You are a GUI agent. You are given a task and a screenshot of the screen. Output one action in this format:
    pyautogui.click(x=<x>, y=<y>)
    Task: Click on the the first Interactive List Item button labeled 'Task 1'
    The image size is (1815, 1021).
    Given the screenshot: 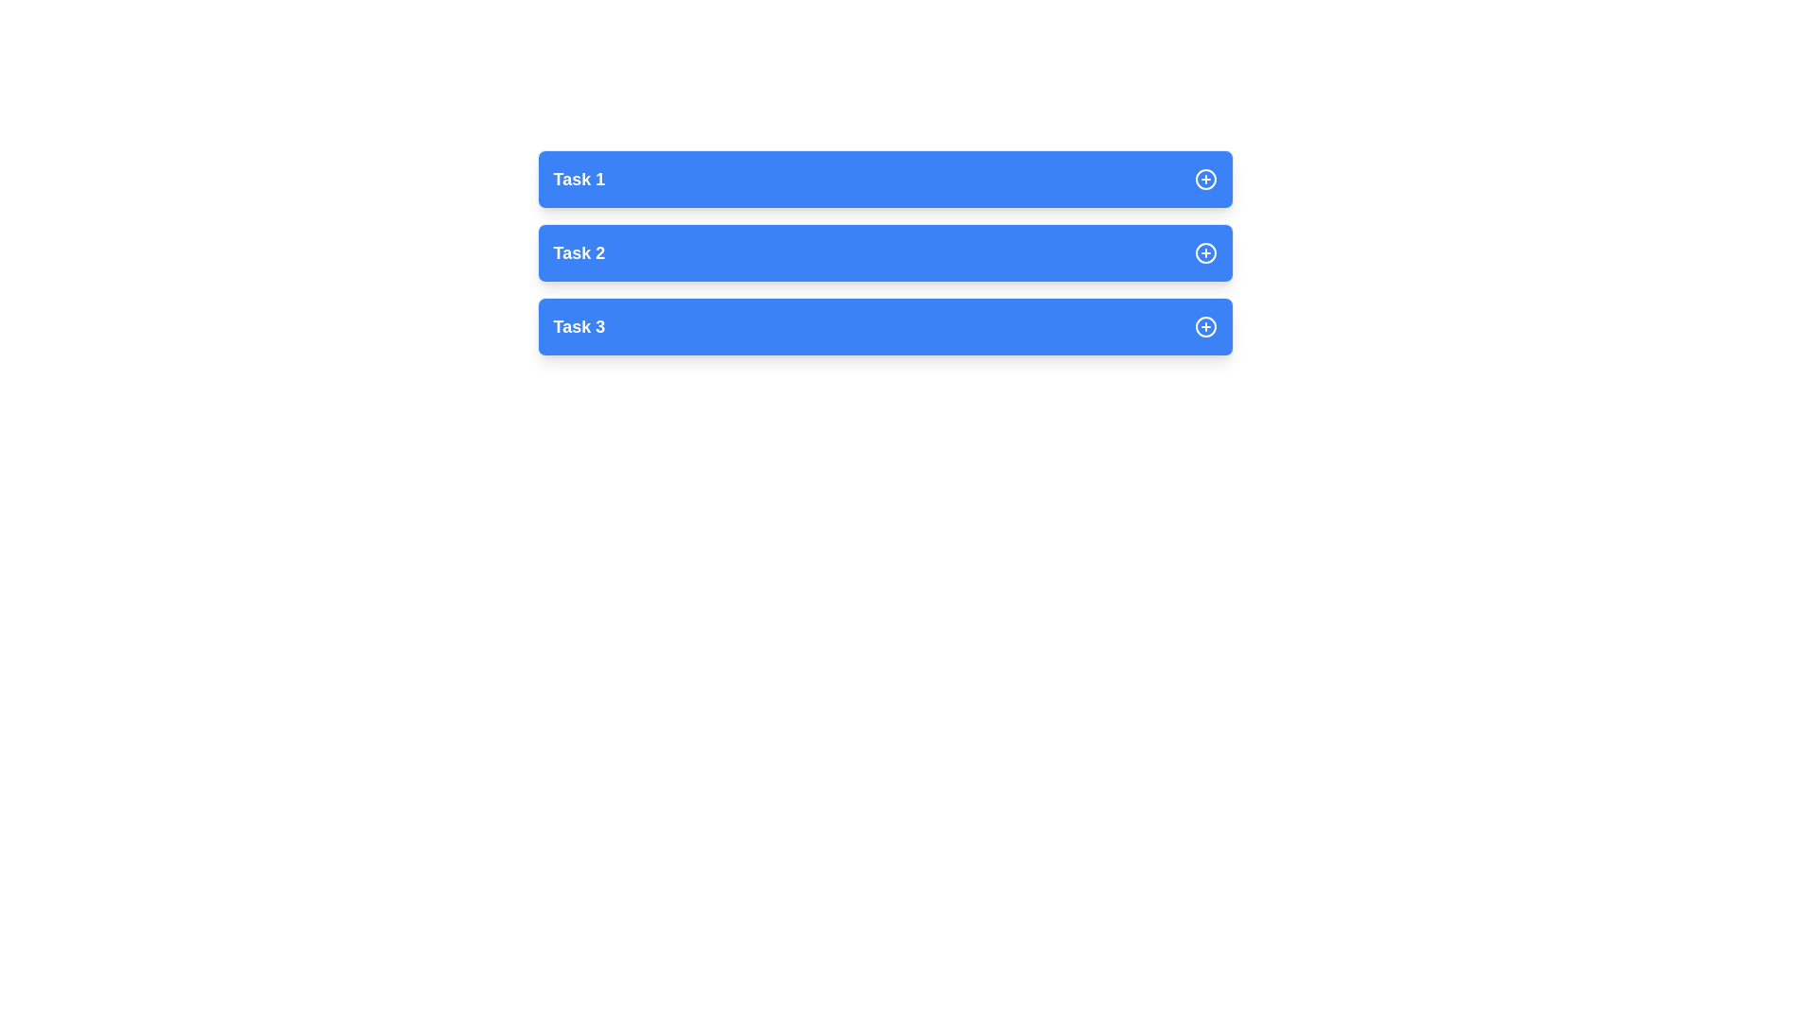 What is the action you would take?
    pyautogui.click(x=884, y=179)
    